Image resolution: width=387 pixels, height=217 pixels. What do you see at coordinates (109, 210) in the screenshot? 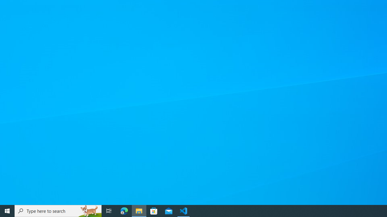
I see `'Task View'` at bounding box center [109, 210].